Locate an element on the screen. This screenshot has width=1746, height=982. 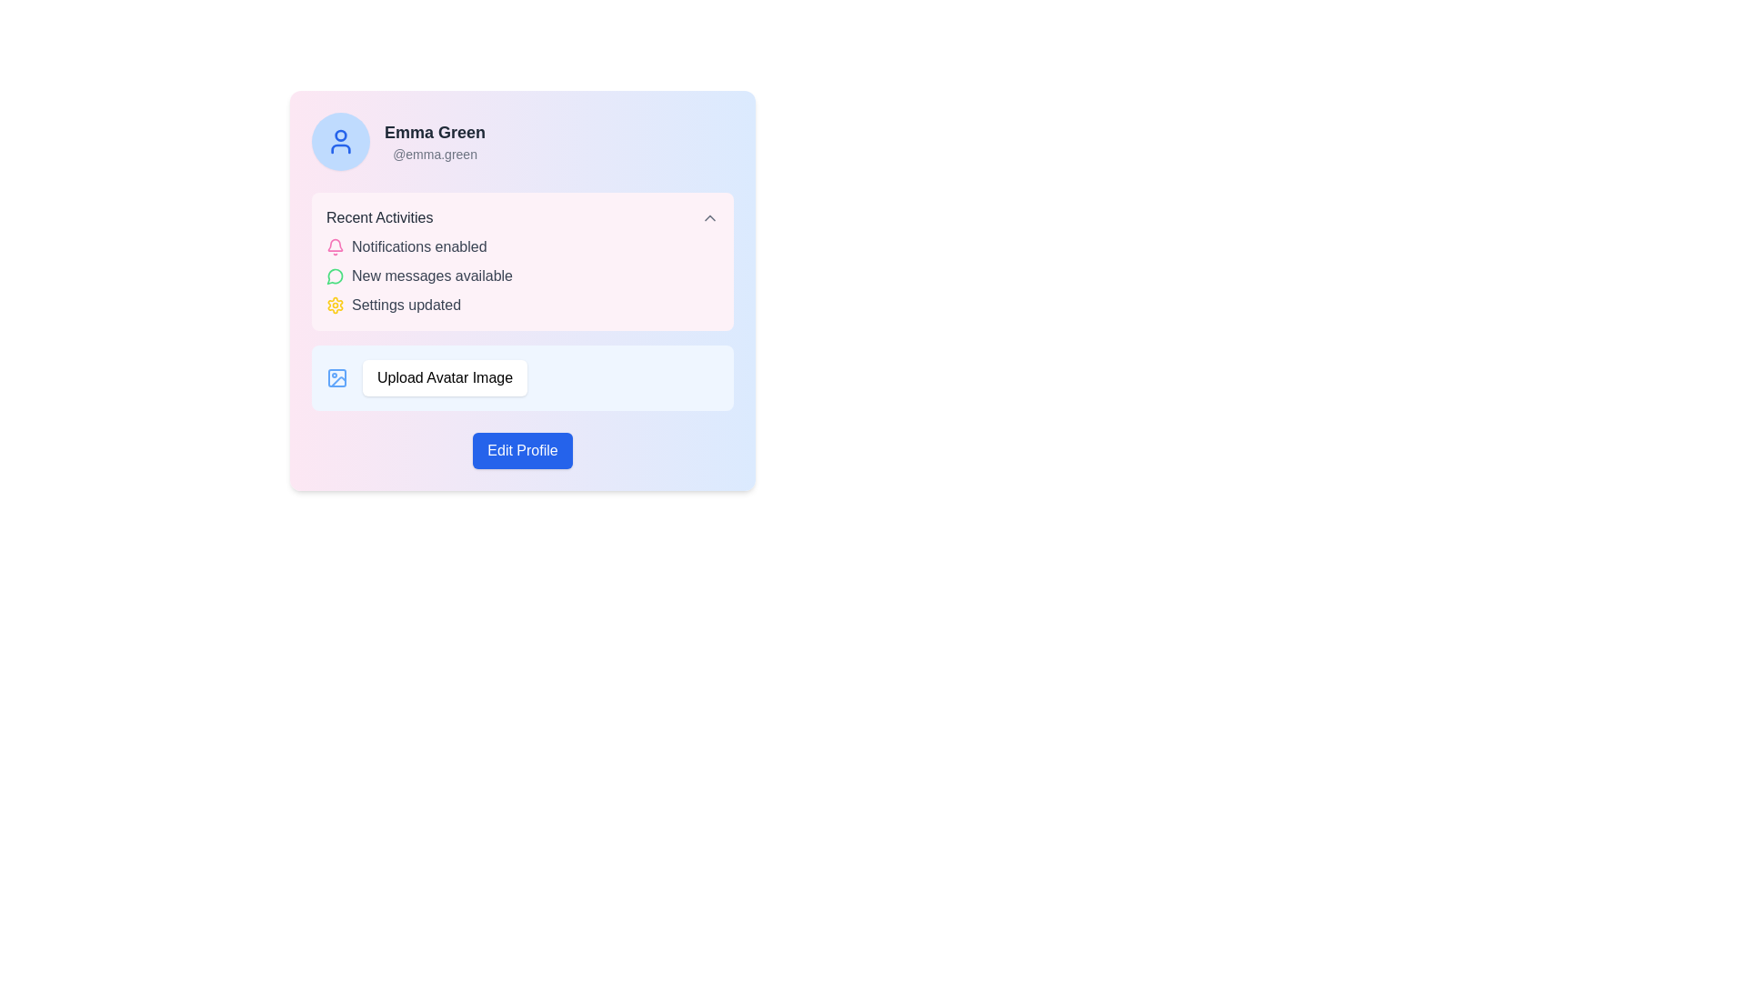
the small blue icon resembling a photo symbol, which is located to the left of the 'Upload Avatar Image' text in a light blue background is located at coordinates (336, 377).